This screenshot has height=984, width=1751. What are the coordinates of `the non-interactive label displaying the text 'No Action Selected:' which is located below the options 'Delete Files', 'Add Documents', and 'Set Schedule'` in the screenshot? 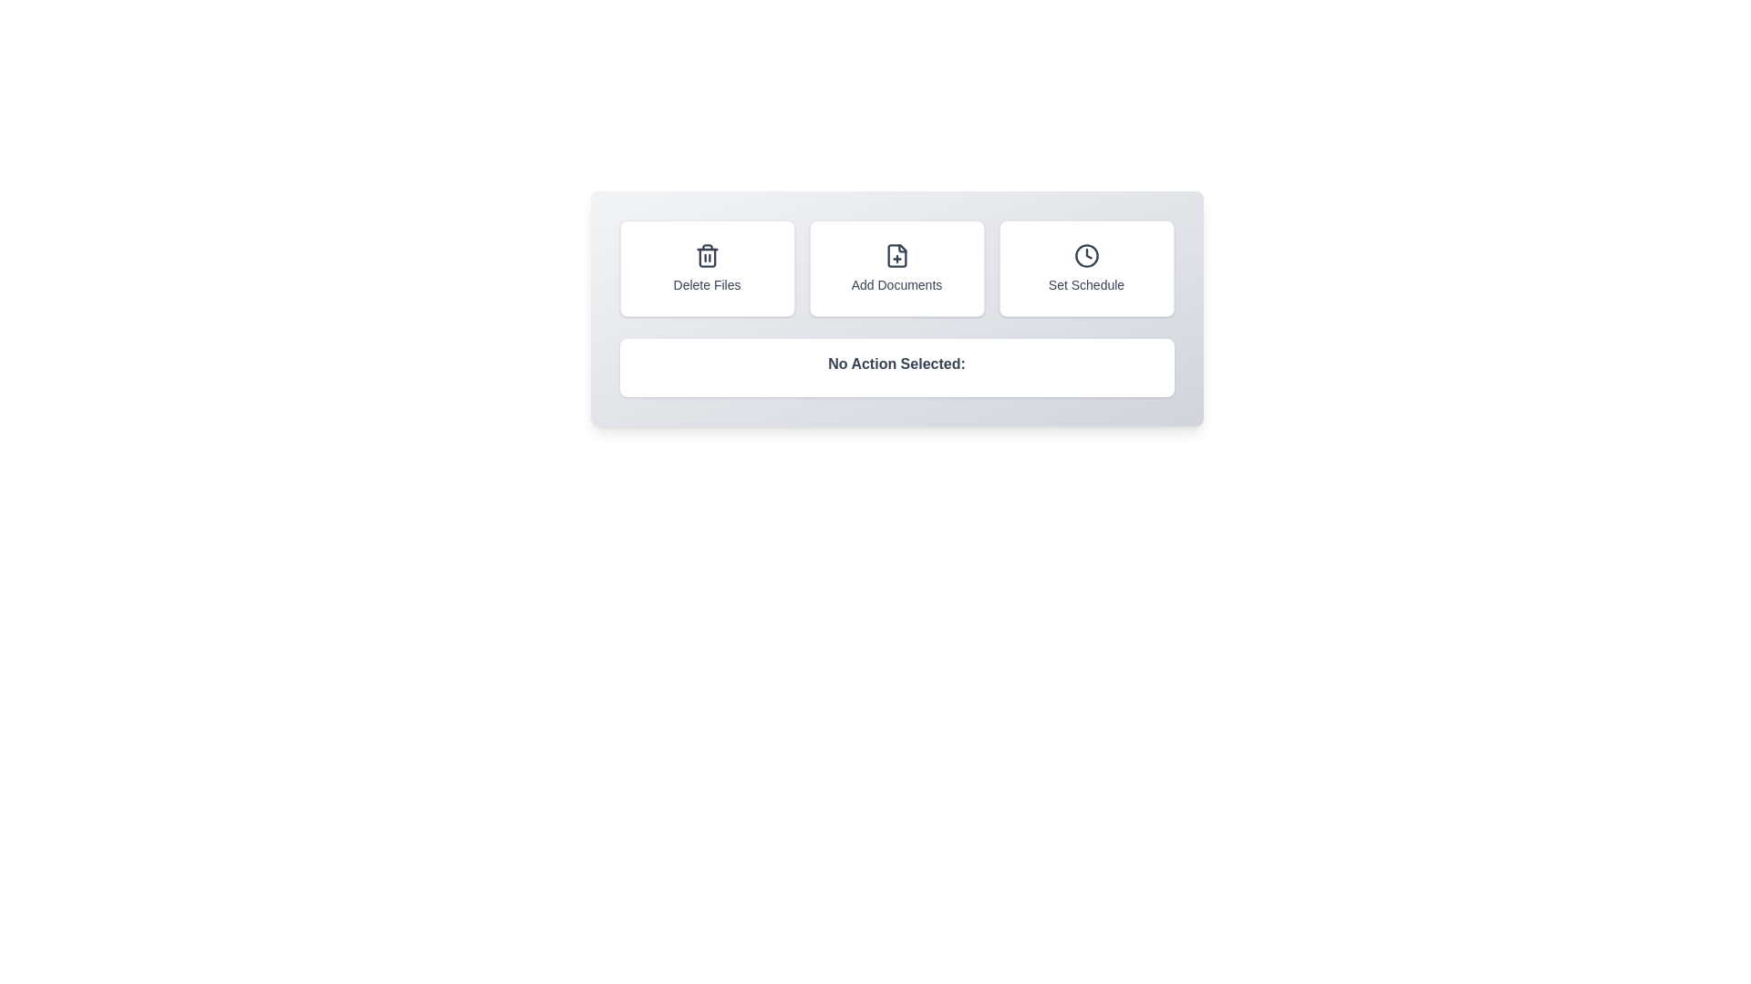 It's located at (896, 368).